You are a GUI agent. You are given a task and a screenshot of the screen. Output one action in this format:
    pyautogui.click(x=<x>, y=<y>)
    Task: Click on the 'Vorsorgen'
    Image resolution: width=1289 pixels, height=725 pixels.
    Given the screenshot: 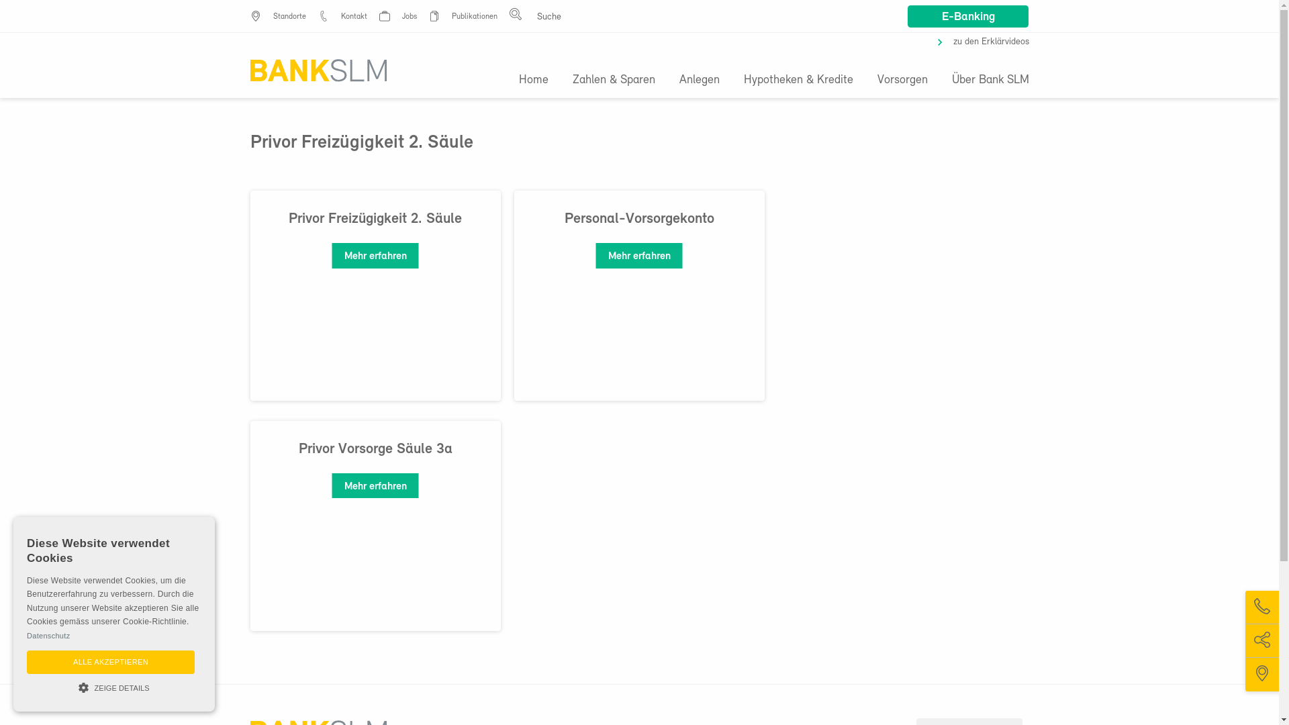 What is the action you would take?
    pyautogui.click(x=864, y=80)
    